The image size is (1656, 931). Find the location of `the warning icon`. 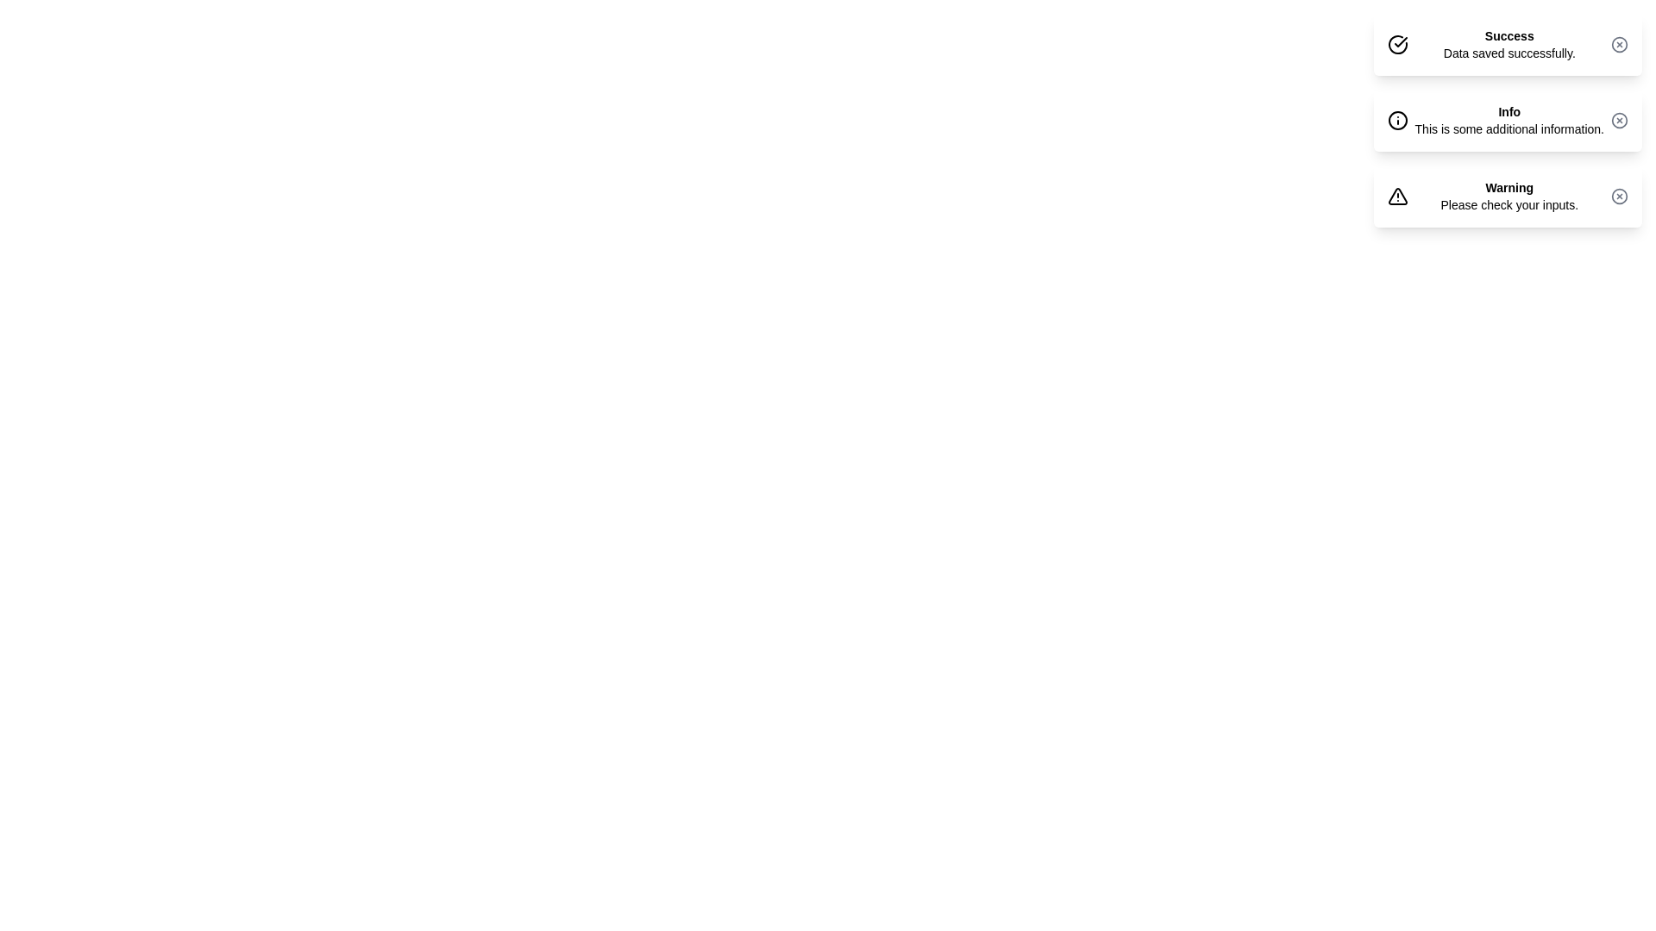

the warning icon is located at coordinates (1397, 195).